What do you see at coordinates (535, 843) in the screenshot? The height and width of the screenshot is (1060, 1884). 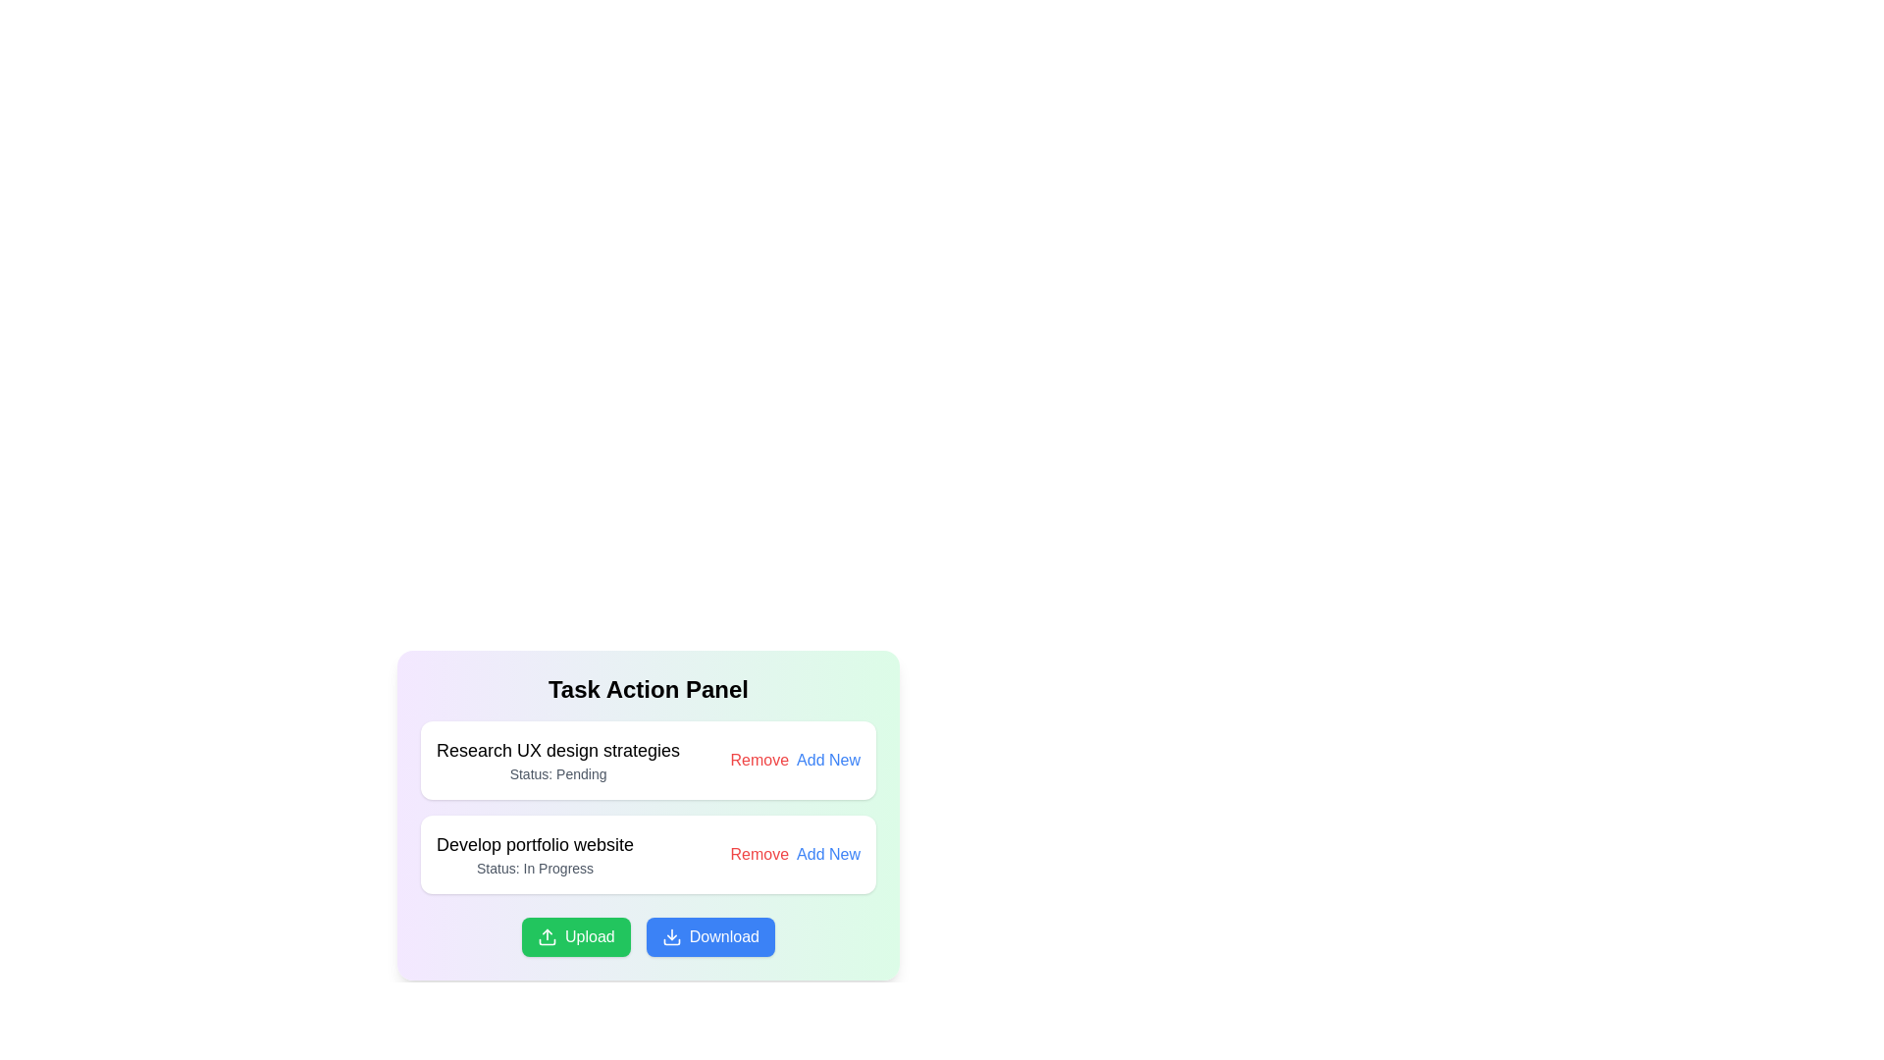 I see `the static text label for the second task in the task management interface, located below 'Task Action Panel' and above 'Status: In Progress'` at bounding box center [535, 843].